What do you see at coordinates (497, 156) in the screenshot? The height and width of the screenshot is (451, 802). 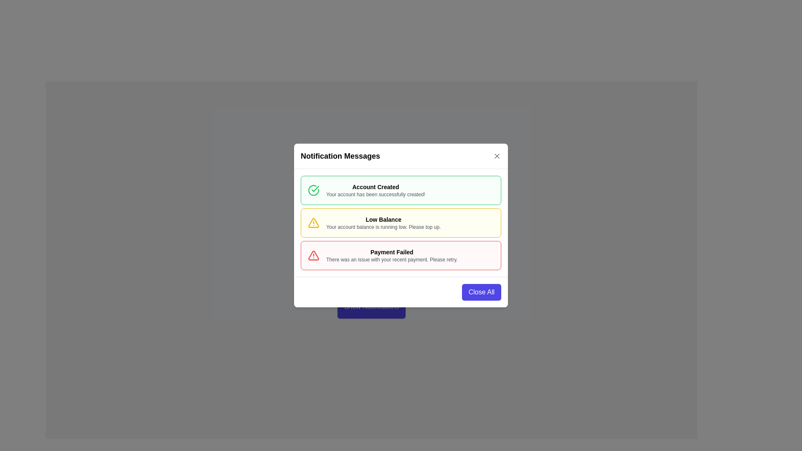 I see `the 'X' icon in the top-right corner of the 'Notification Messages' modal` at bounding box center [497, 156].